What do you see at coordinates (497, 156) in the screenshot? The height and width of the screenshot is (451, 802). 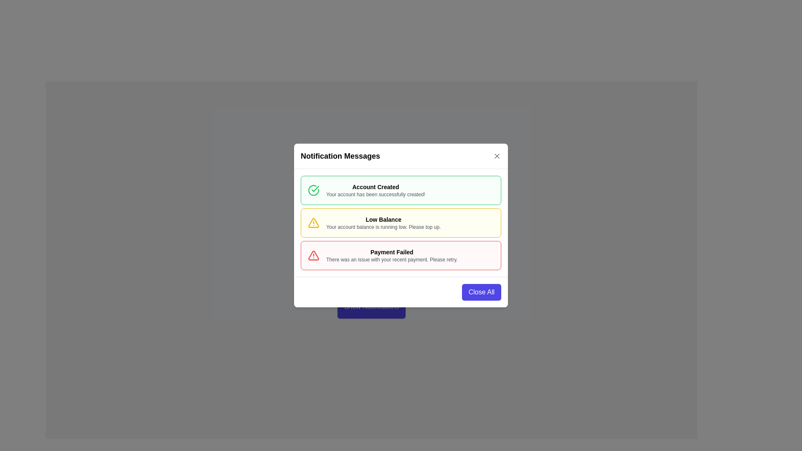 I see `the 'X' icon in the top-right corner of the 'Notification Messages' modal` at bounding box center [497, 156].